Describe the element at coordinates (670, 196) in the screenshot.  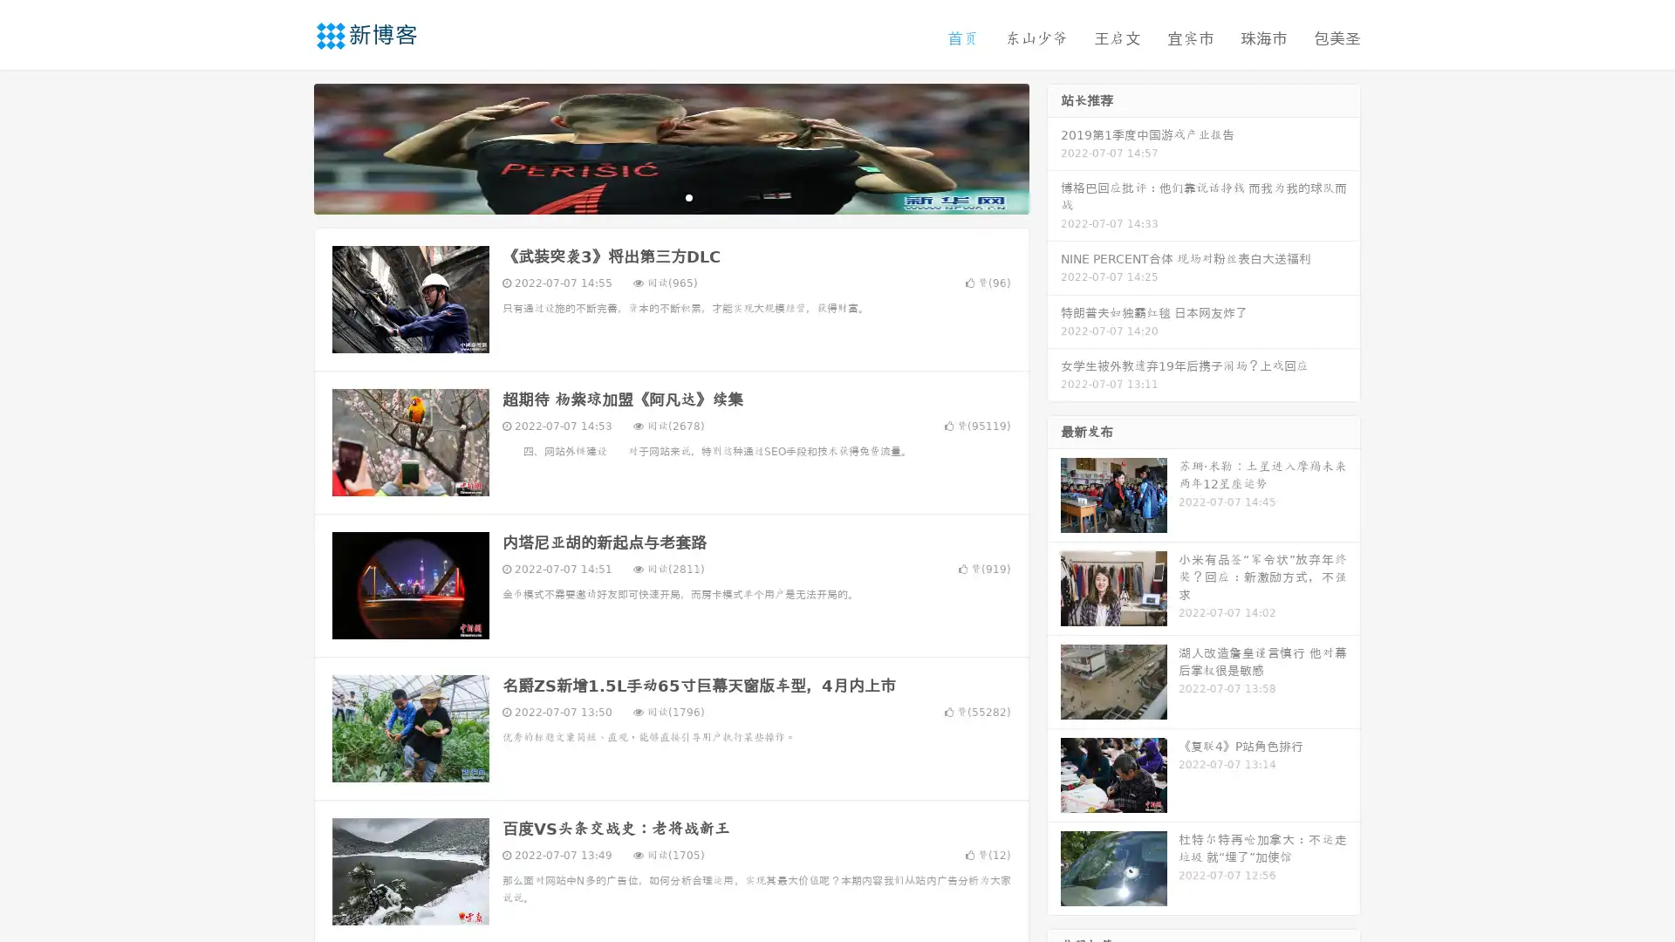
I see `Go to slide 2` at that location.